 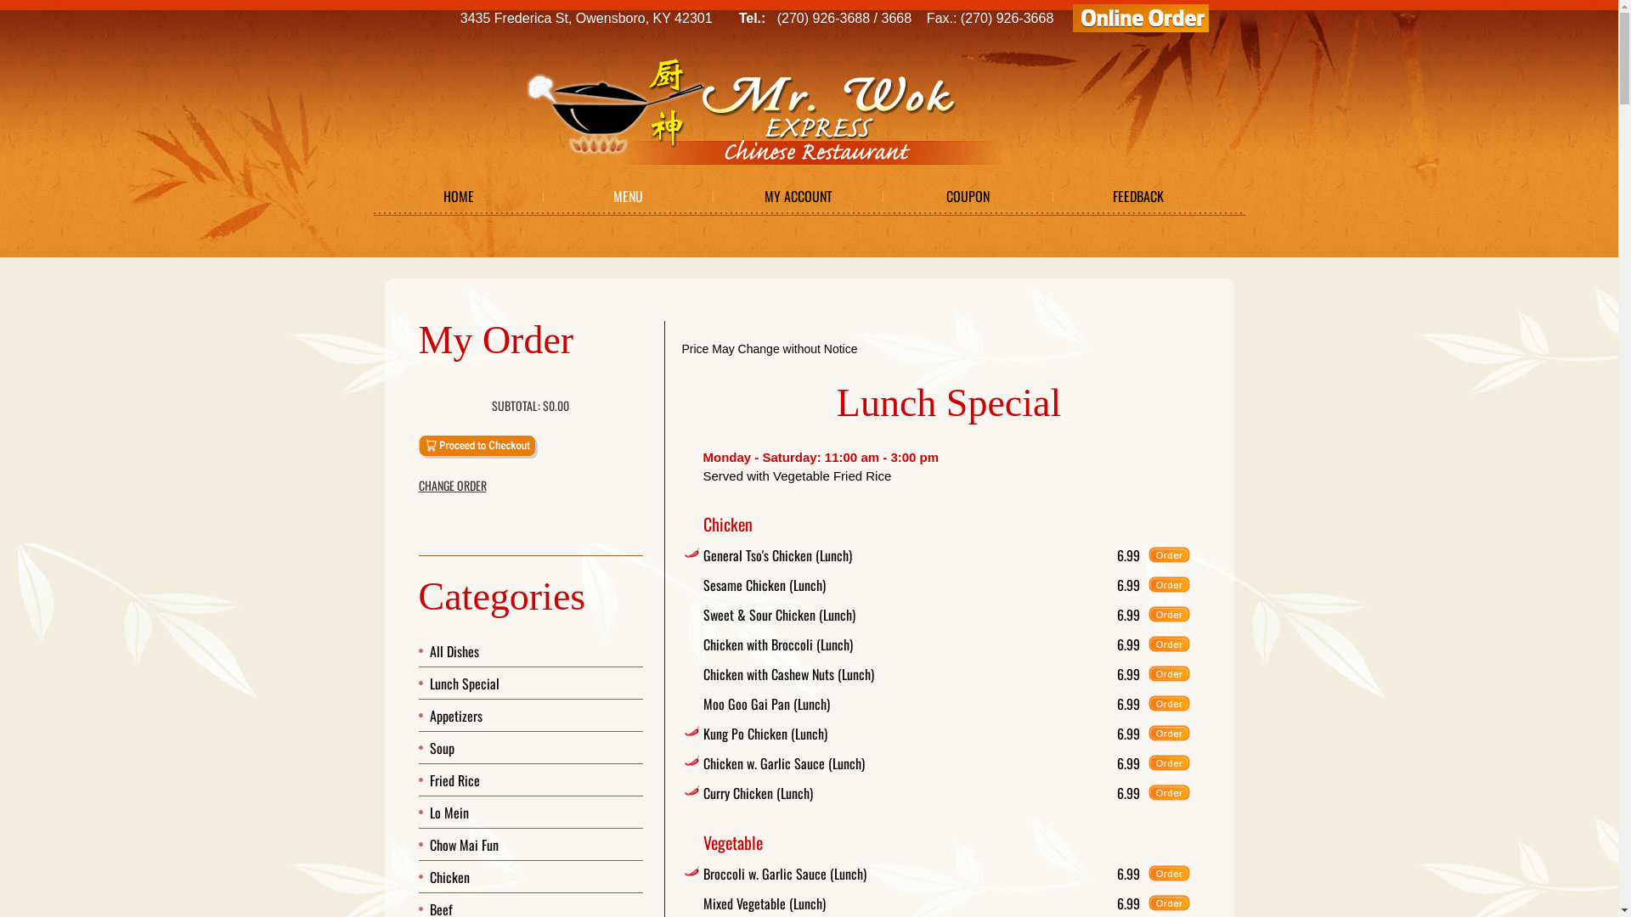 I want to click on 'CHANGE ORDER', so click(x=529, y=485).